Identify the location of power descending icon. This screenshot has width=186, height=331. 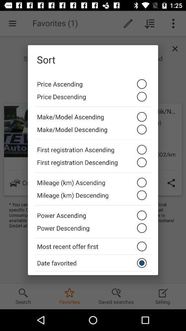
(93, 230).